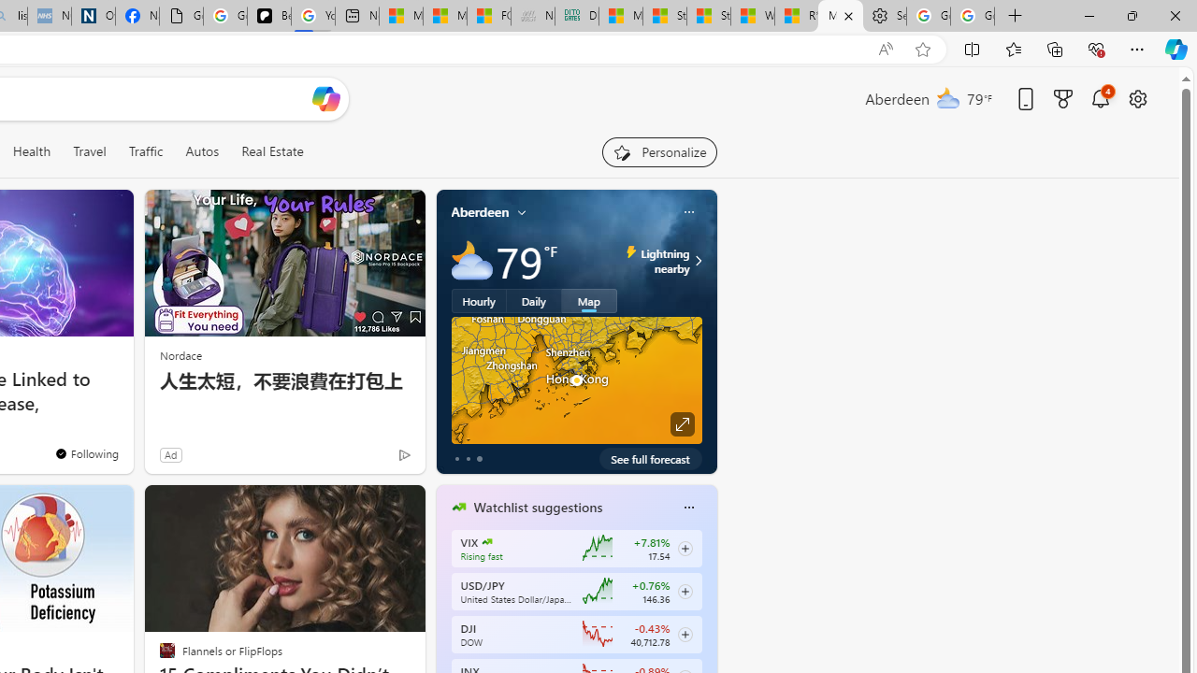 This screenshot has width=1197, height=673. I want to click on 'Autos', so click(202, 150).